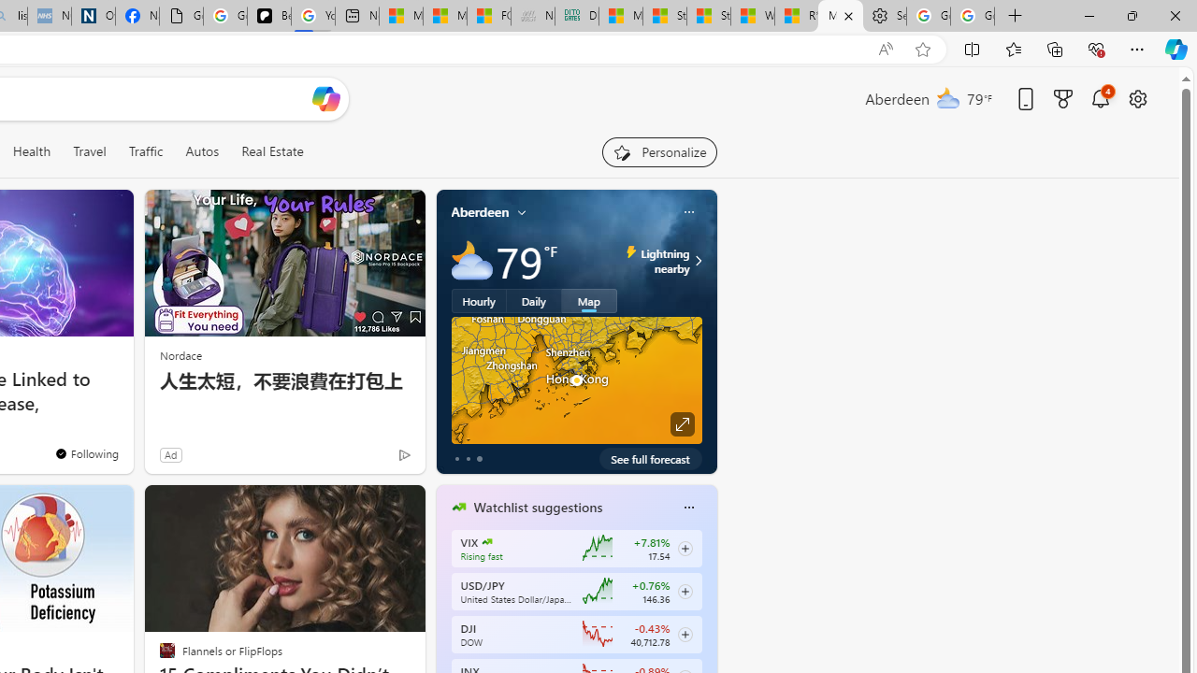 This screenshot has width=1197, height=673. I want to click on 'Autos', so click(202, 150).